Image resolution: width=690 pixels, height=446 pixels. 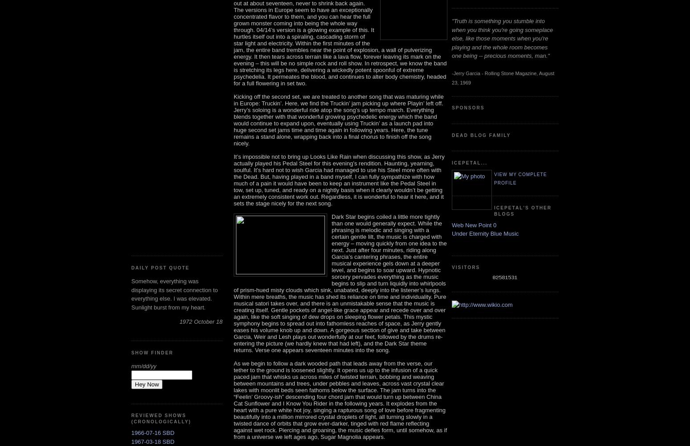 What do you see at coordinates (340, 283) in the screenshot?
I see `'Dark Star begins coiled a little more tightly than one would generally expect. While the phrasing is melodic and singing with a certain gentle lilt, the music is charged with energy – moving quickly from one idea to the next. Just after four minutes, riding along Garcia’s cantering phrases, the entire musical experience gels down at a deeper level, and begins to soar upward. Hypnotic sorcery pervades everything as the music begins to slip and turn liquidly into whirlpools of prism-hued misty clouds which sink, unabated, deeply into the listener’s lungs. Within mere breaths, the music has shed its reliance on time and individuality. Pure musical satori takes over, and there is an unmistakable sense that the music is creating itself. Gentle pockets of angel-like grace appear and recede over and over again, like the soft singing of dew drops on sleeping flower petals. This mystic symphony begins to spread out into fathomless reaches of space, as Jerry gently eases his volume knob up and down. A gorgeous section of give and take between Garcia, Weir and Lesh plays out wonderfully at our feet, followed by the drums re-entering the picture (we hardly knew that had left), and the Dark Star theme returns. Verse one appears seventeen minutes into the song.'` at bounding box center [340, 283].